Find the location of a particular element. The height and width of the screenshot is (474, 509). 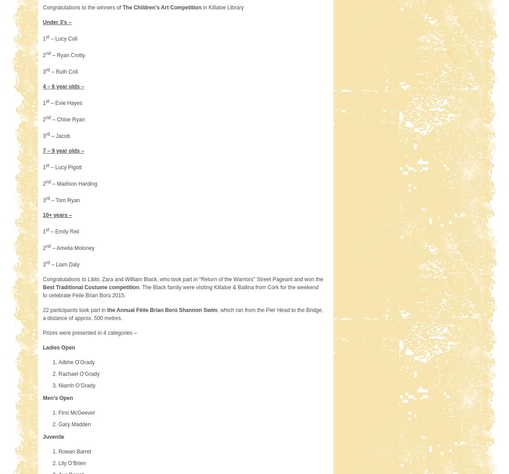

'Juvenile' is located at coordinates (53, 436).